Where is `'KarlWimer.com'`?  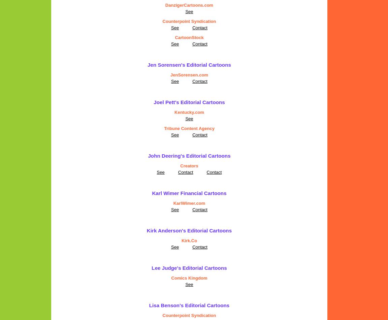
'KarlWimer.com' is located at coordinates (189, 203).